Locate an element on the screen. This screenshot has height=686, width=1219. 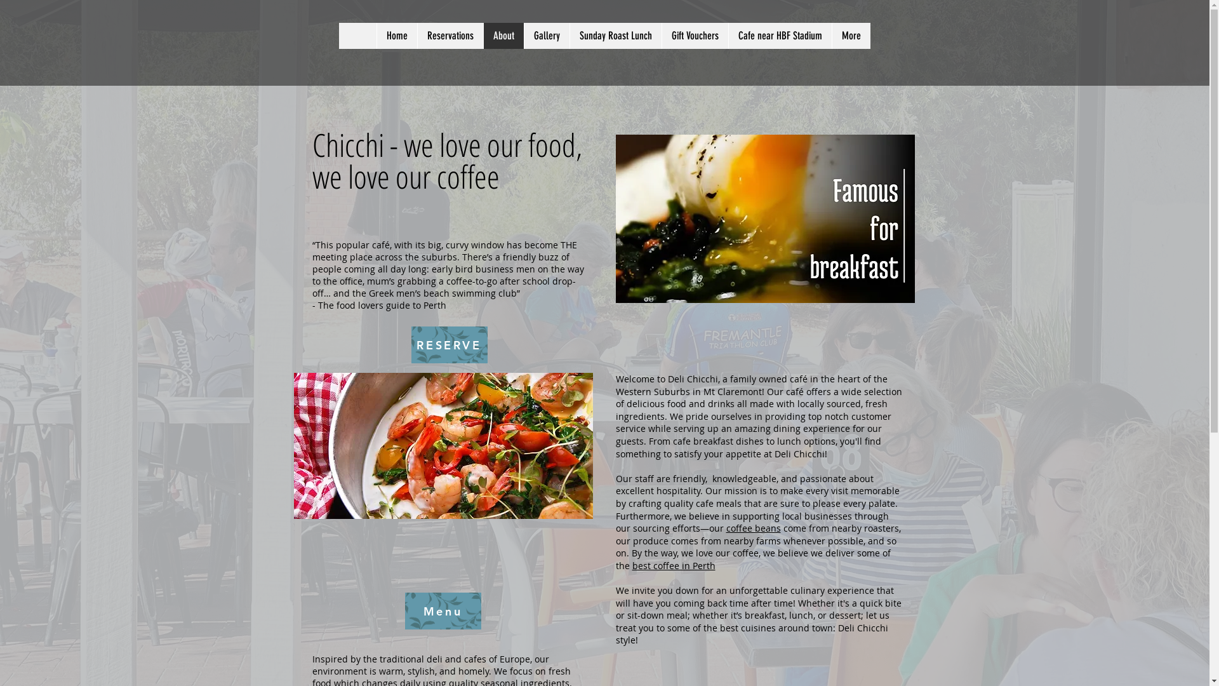
'best coffee in Perth' is located at coordinates (673, 565).